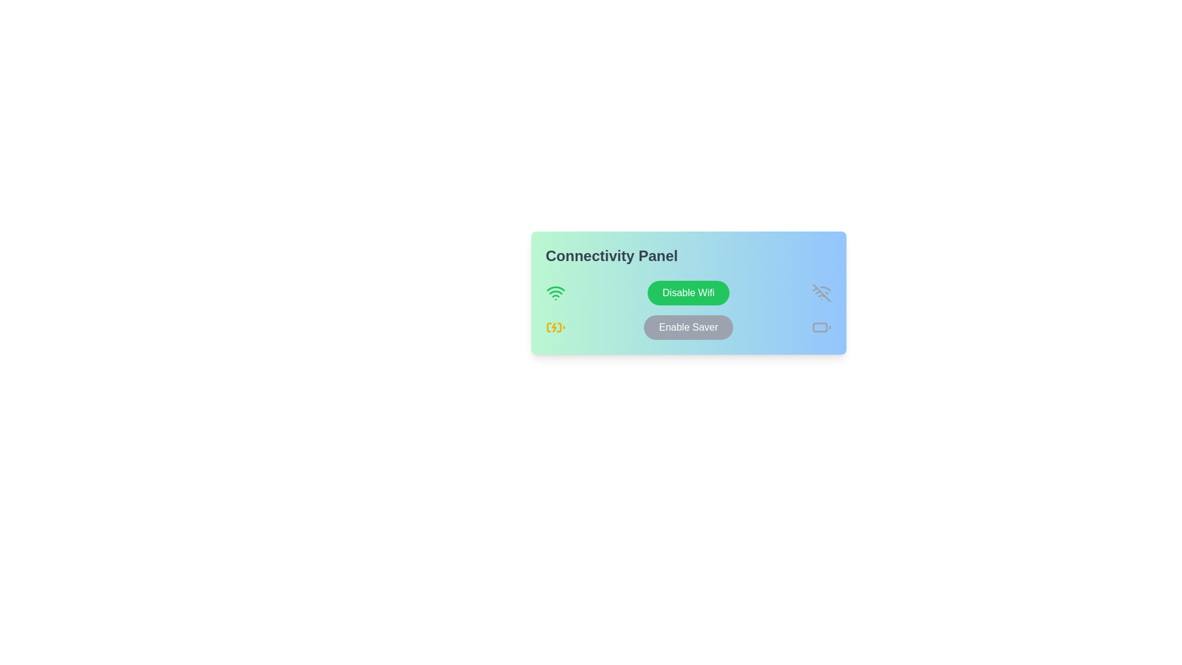 This screenshot has height=665, width=1182. I want to click on the 'Disable Wifi' button, which has a green background and is located within the 'Connectivity Panel' beneath the label, so click(688, 310).